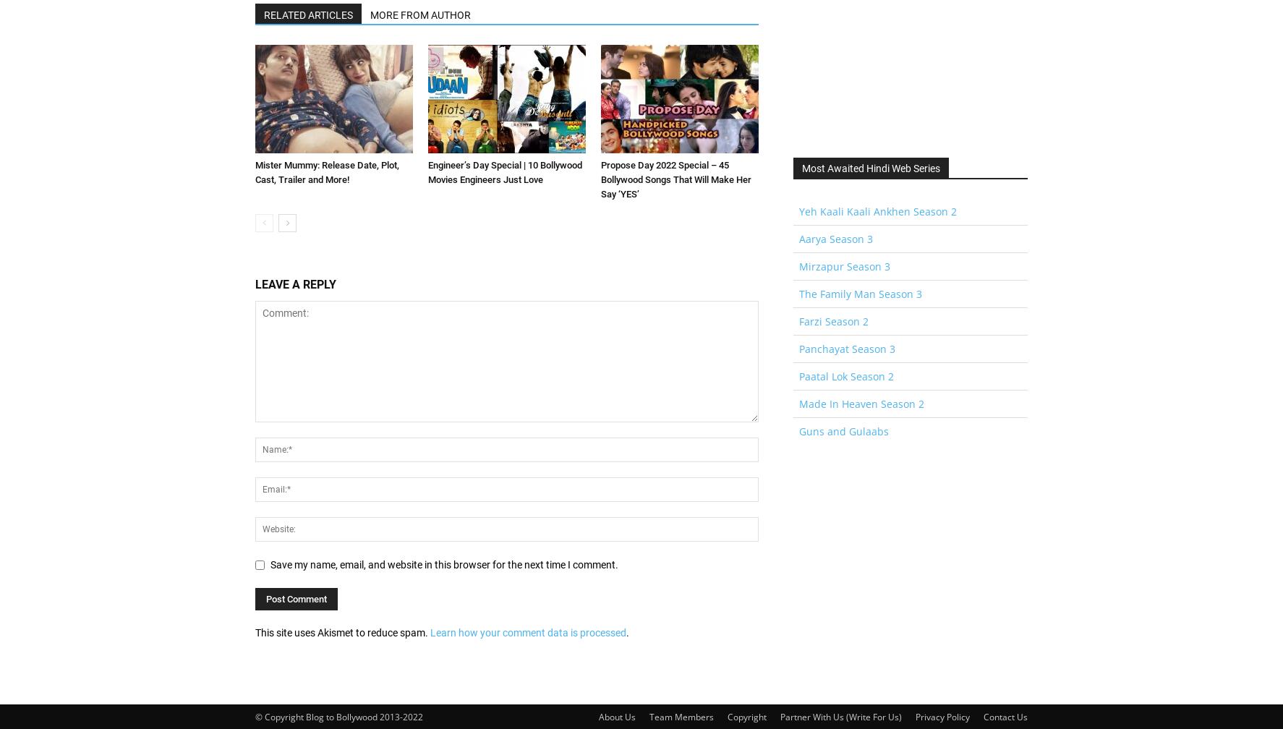  What do you see at coordinates (846, 376) in the screenshot?
I see `'Paatal Lok Season 2'` at bounding box center [846, 376].